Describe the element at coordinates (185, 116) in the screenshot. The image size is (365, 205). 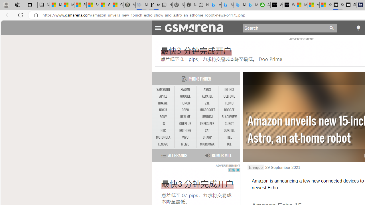
I see `'REALME'` at that location.